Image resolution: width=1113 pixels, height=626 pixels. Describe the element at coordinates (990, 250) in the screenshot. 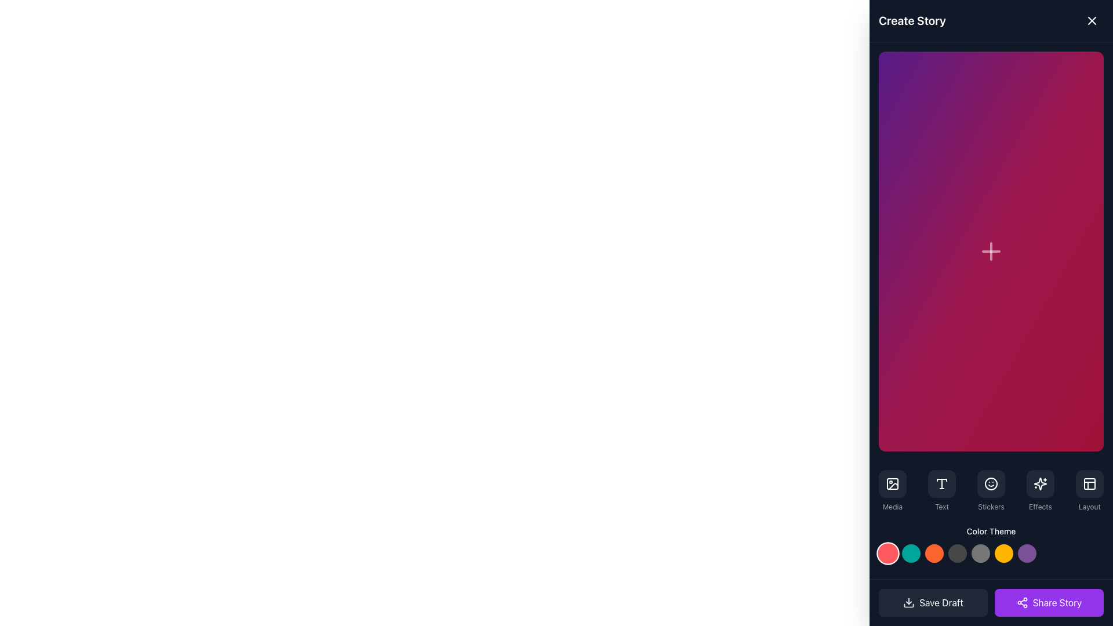

I see `the Plus icon button, which is centrally located in the main interface and is visually distinct with a gradient background` at that location.